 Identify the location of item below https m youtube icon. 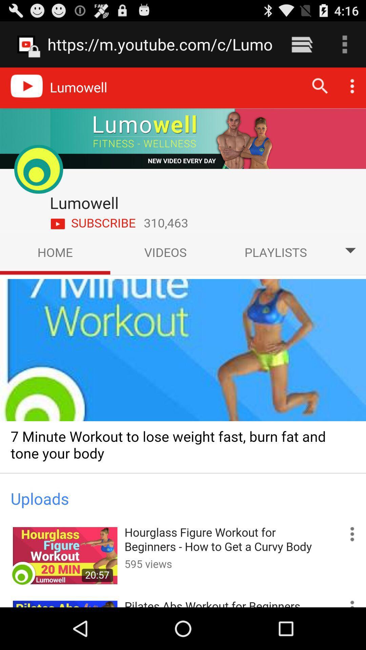
(183, 337).